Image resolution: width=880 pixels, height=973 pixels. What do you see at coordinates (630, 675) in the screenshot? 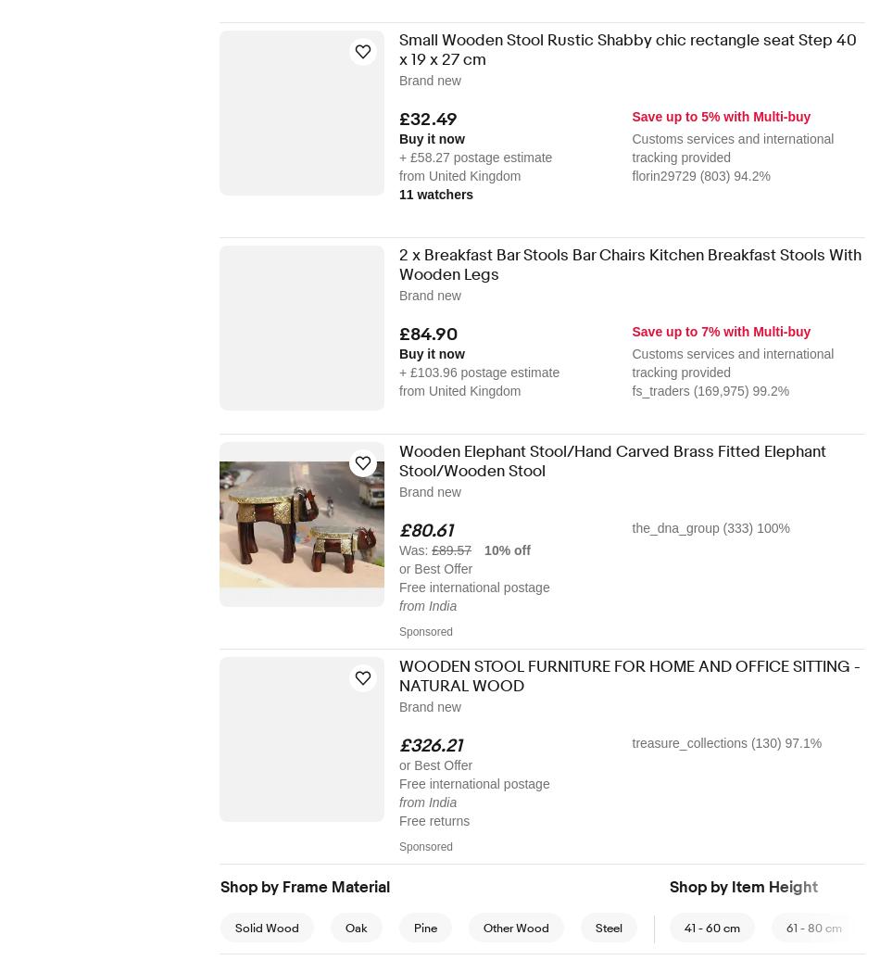
I see `'WOODEN STOOL FURNITURE FOR HOME AND OFFICE SITTING - NATURAL WOOD'` at bounding box center [630, 675].